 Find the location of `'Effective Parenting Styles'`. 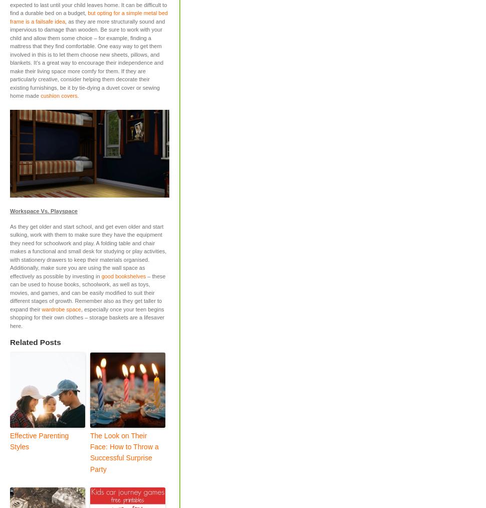

'Effective Parenting Styles' is located at coordinates (10, 440).